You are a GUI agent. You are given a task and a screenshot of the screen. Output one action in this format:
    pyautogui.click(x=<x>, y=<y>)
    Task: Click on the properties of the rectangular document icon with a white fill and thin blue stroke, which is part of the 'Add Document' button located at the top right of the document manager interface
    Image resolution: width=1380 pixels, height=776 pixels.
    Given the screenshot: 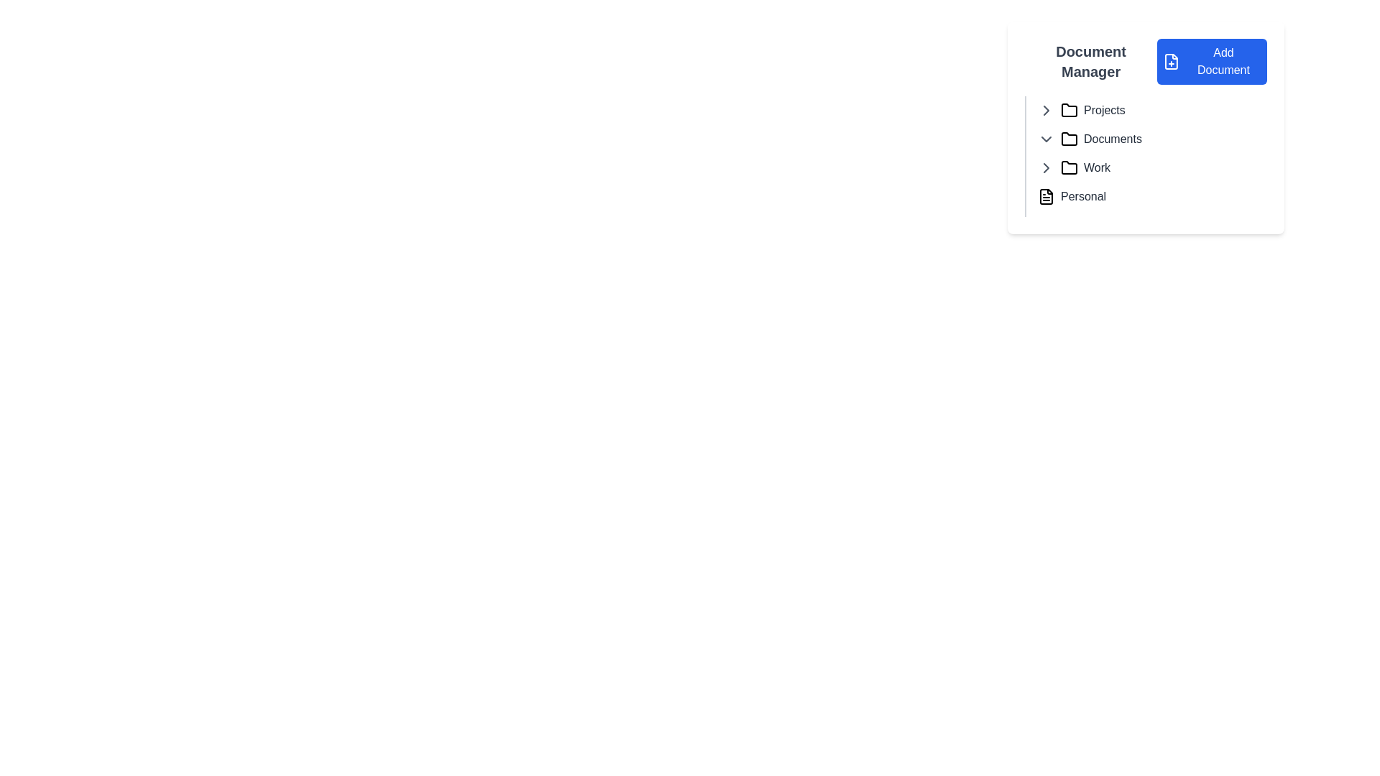 What is the action you would take?
    pyautogui.click(x=1172, y=60)
    